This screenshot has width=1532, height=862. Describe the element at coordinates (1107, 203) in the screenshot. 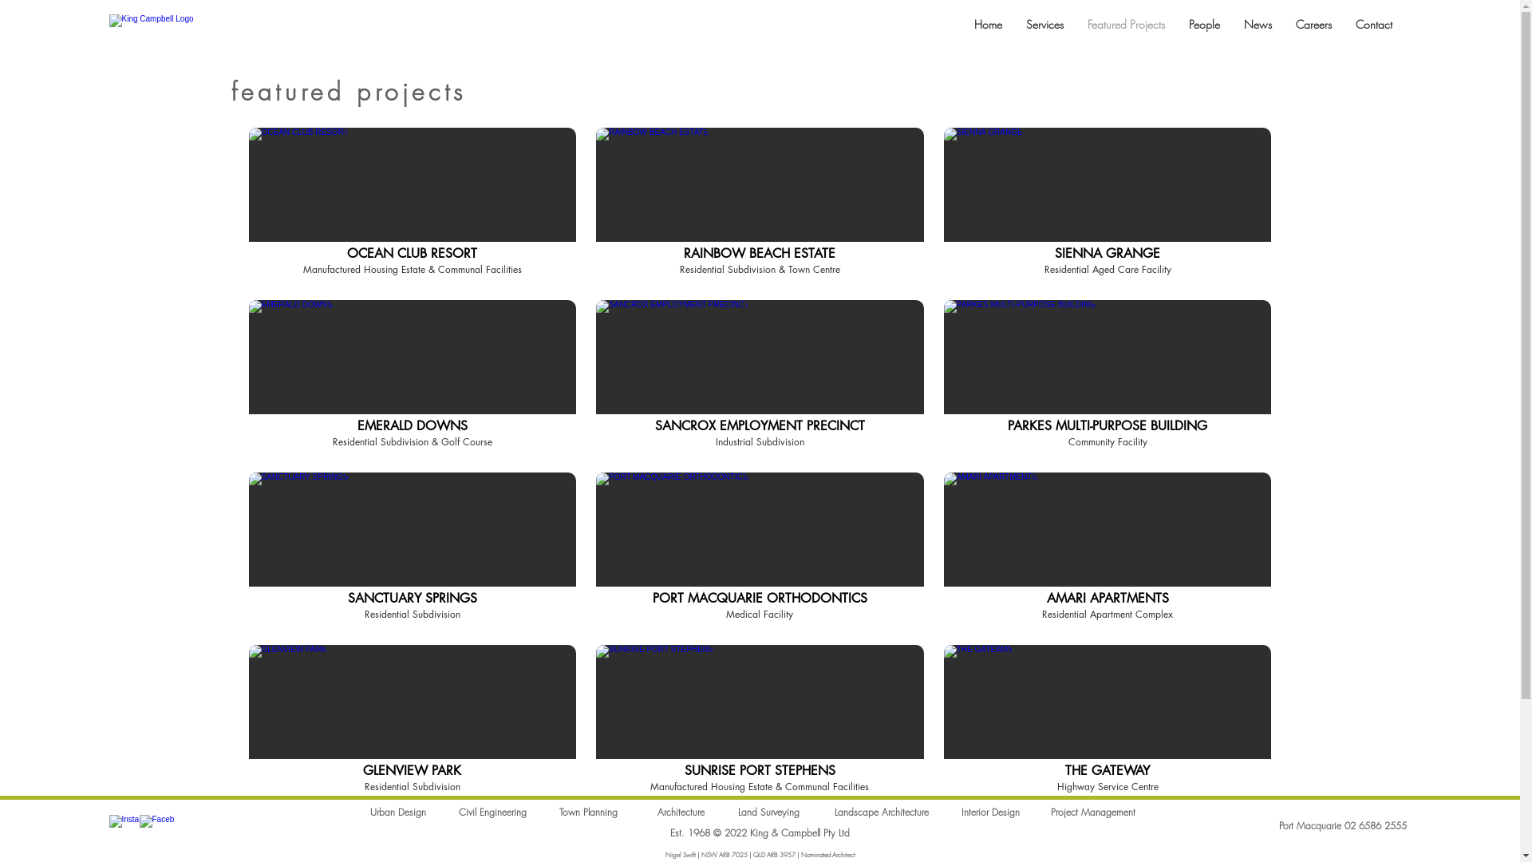

I see `'SIENNA GRANGE` at that location.